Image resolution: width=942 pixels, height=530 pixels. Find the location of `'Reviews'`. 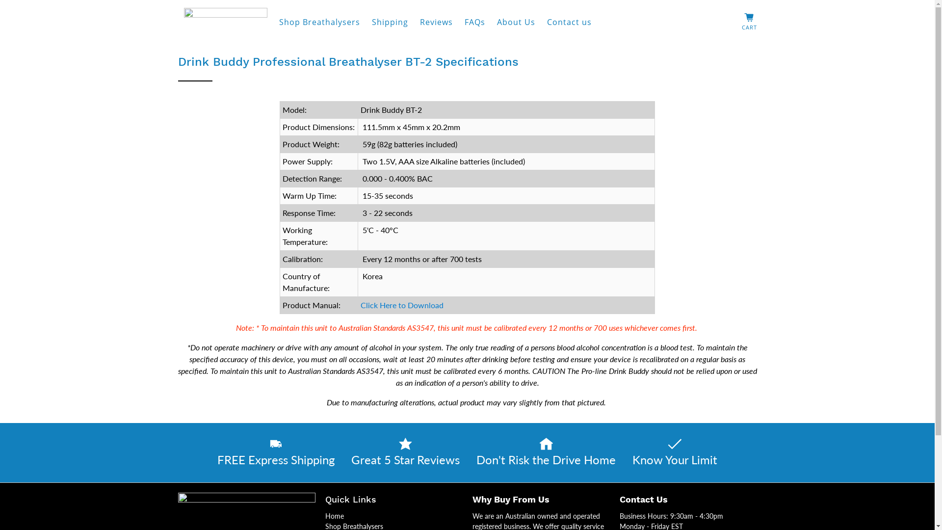

'Reviews' is located at coordinates (436, 22).